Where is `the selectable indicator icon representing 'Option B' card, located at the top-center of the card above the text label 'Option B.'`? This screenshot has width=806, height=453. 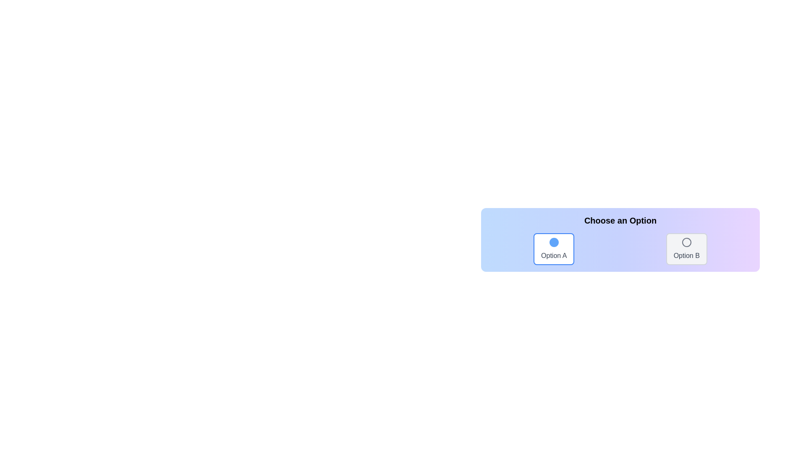
the selectable indicator icon representing 'Option B' card, located at the top-center of the card above the text label 'Option B.' is located at coordinates (686, 242).